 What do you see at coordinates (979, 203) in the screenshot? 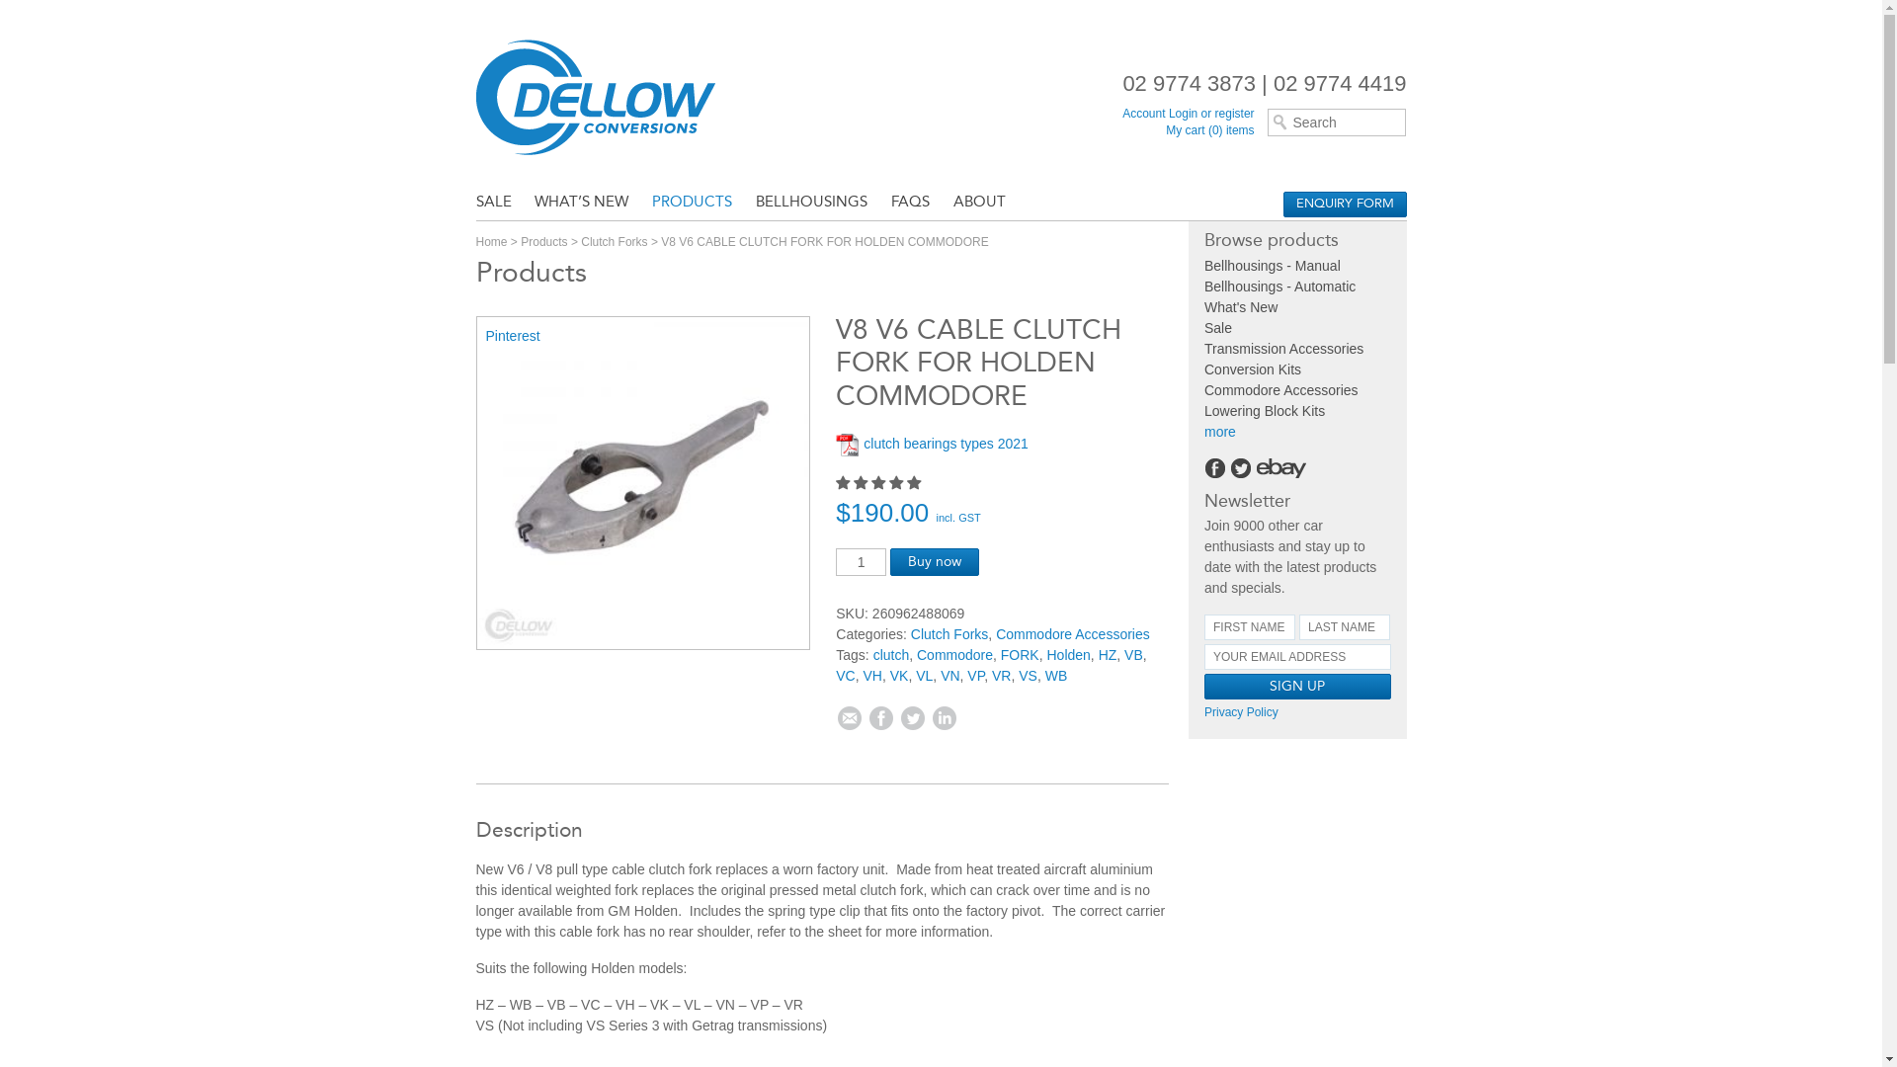
I see `'ABOUT'` at bounding box center [979, 203].